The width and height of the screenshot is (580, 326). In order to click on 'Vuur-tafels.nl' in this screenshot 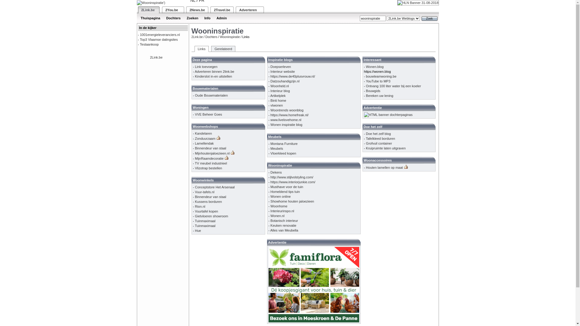, I will do `click(204, 192)`.